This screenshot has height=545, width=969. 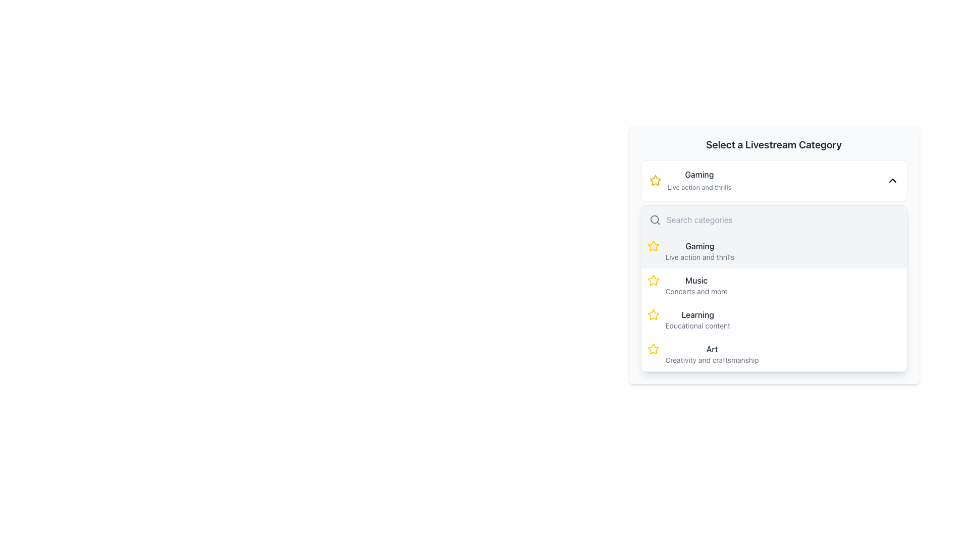 What do you see at coordinates (699, 256) in the screenshot?
I see `the static text that serves as a subtitle for the 'Gaming' category, which is positioned directly below the 'Gaming' label in a structured list` at bounding box center [699, 256].